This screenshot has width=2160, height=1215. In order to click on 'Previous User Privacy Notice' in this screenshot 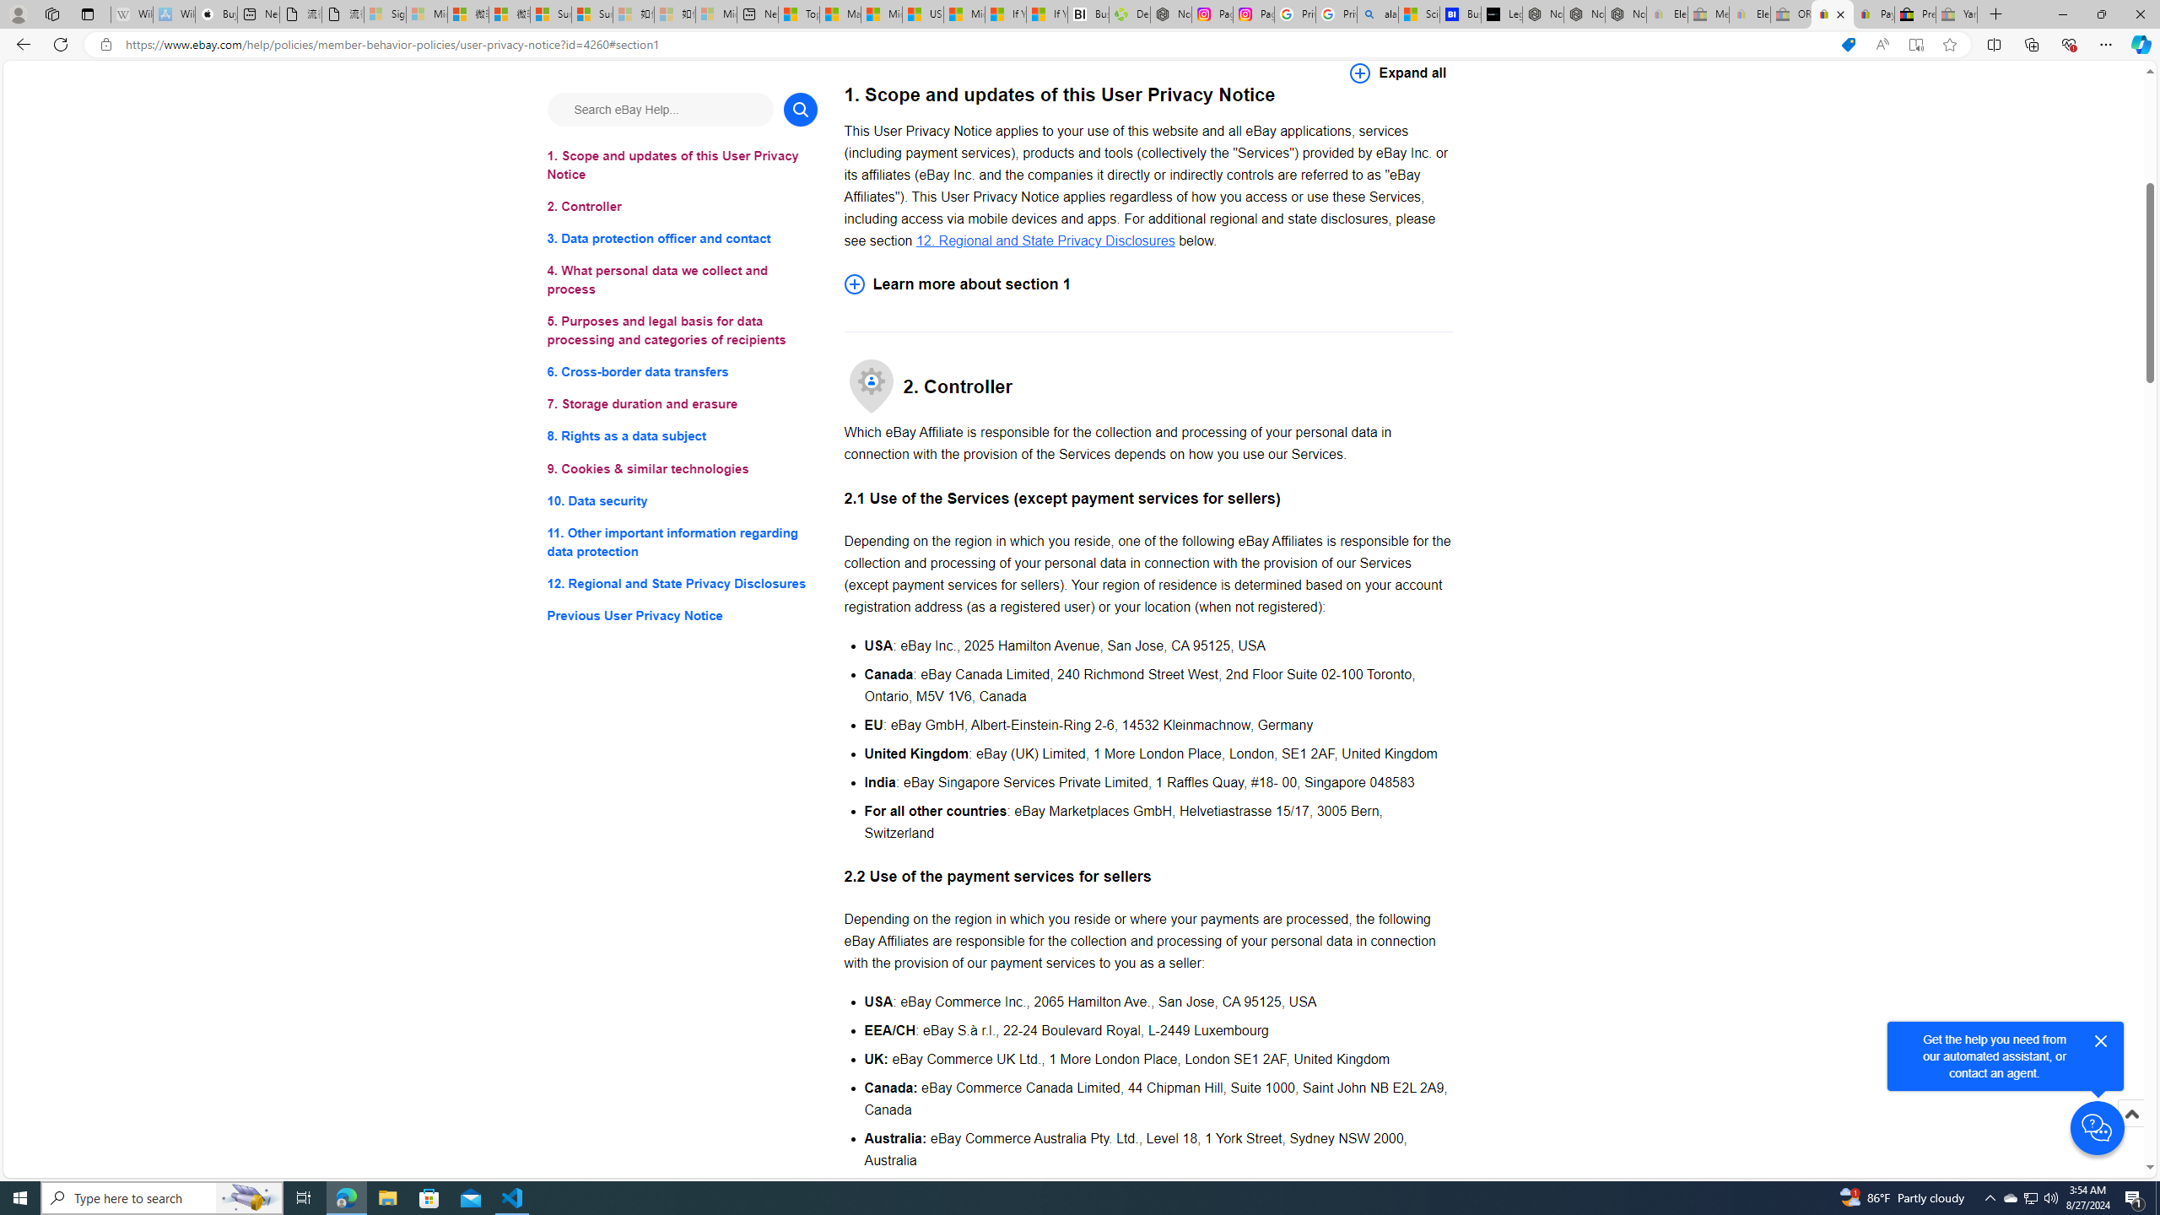, I will do `click(681, 615)`.